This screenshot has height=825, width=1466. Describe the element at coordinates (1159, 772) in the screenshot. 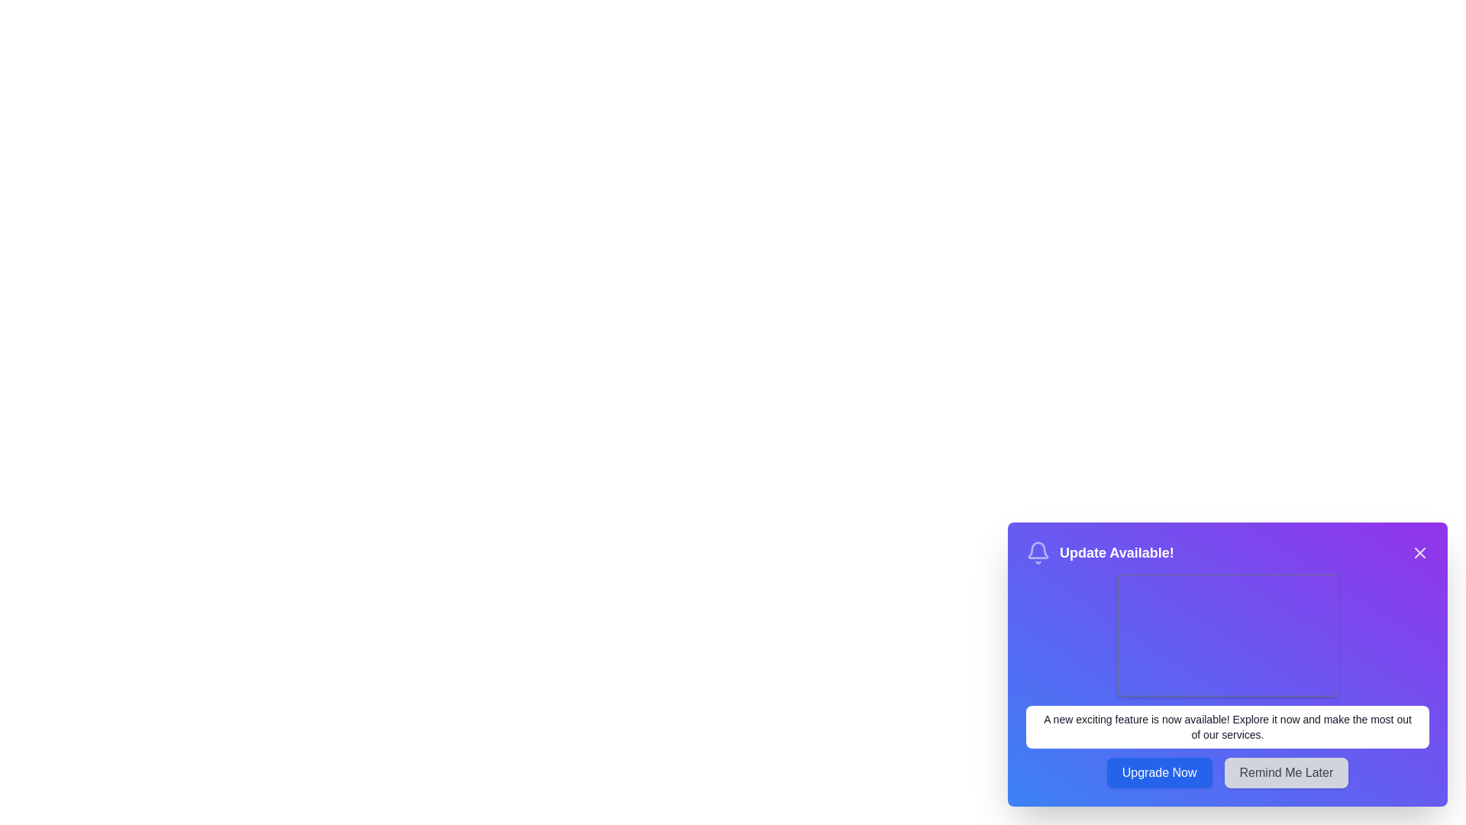

I see `the button Upgrade Now to observe its hover effect` at that location.